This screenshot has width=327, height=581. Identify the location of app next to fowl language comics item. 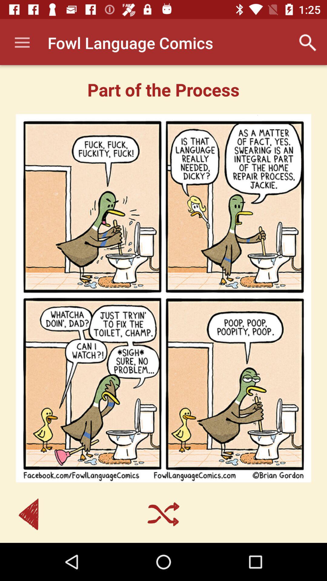
(308, 42).